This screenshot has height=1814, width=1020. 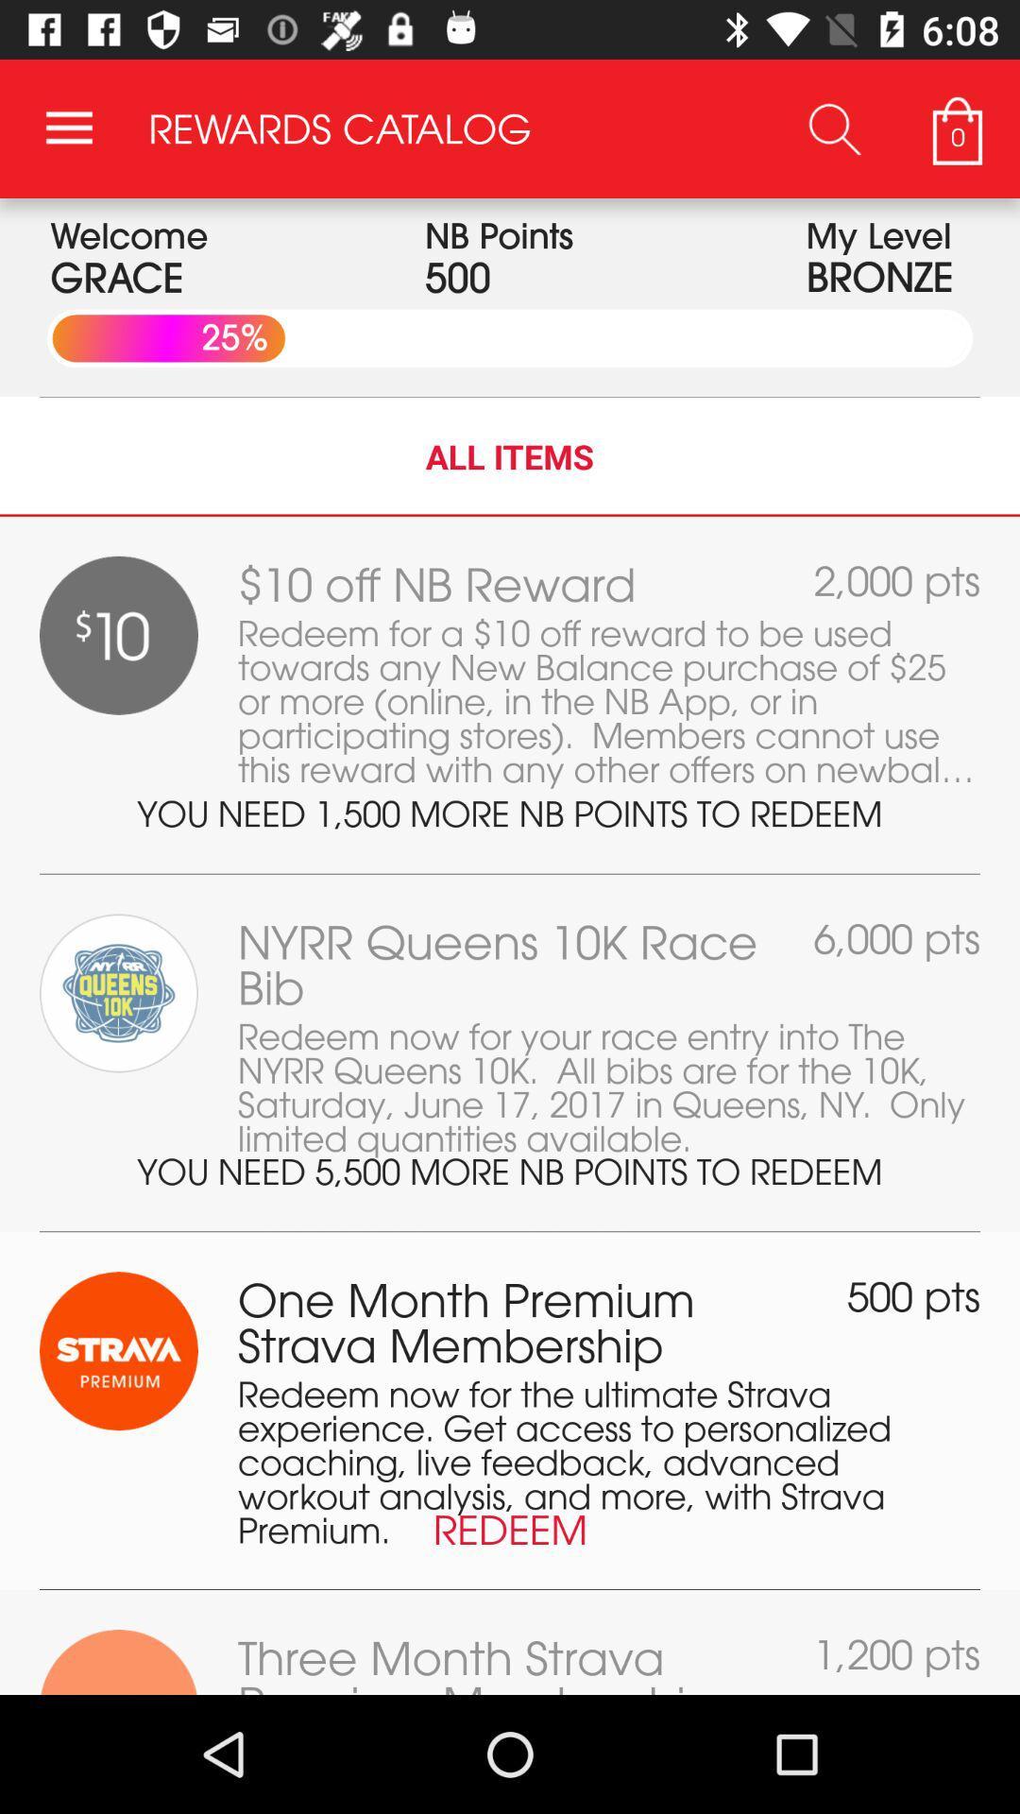 What do you see at coordinates (912, 1295) in the screenshot?
I see `500 pts item` at bounding box center [912, 1295].